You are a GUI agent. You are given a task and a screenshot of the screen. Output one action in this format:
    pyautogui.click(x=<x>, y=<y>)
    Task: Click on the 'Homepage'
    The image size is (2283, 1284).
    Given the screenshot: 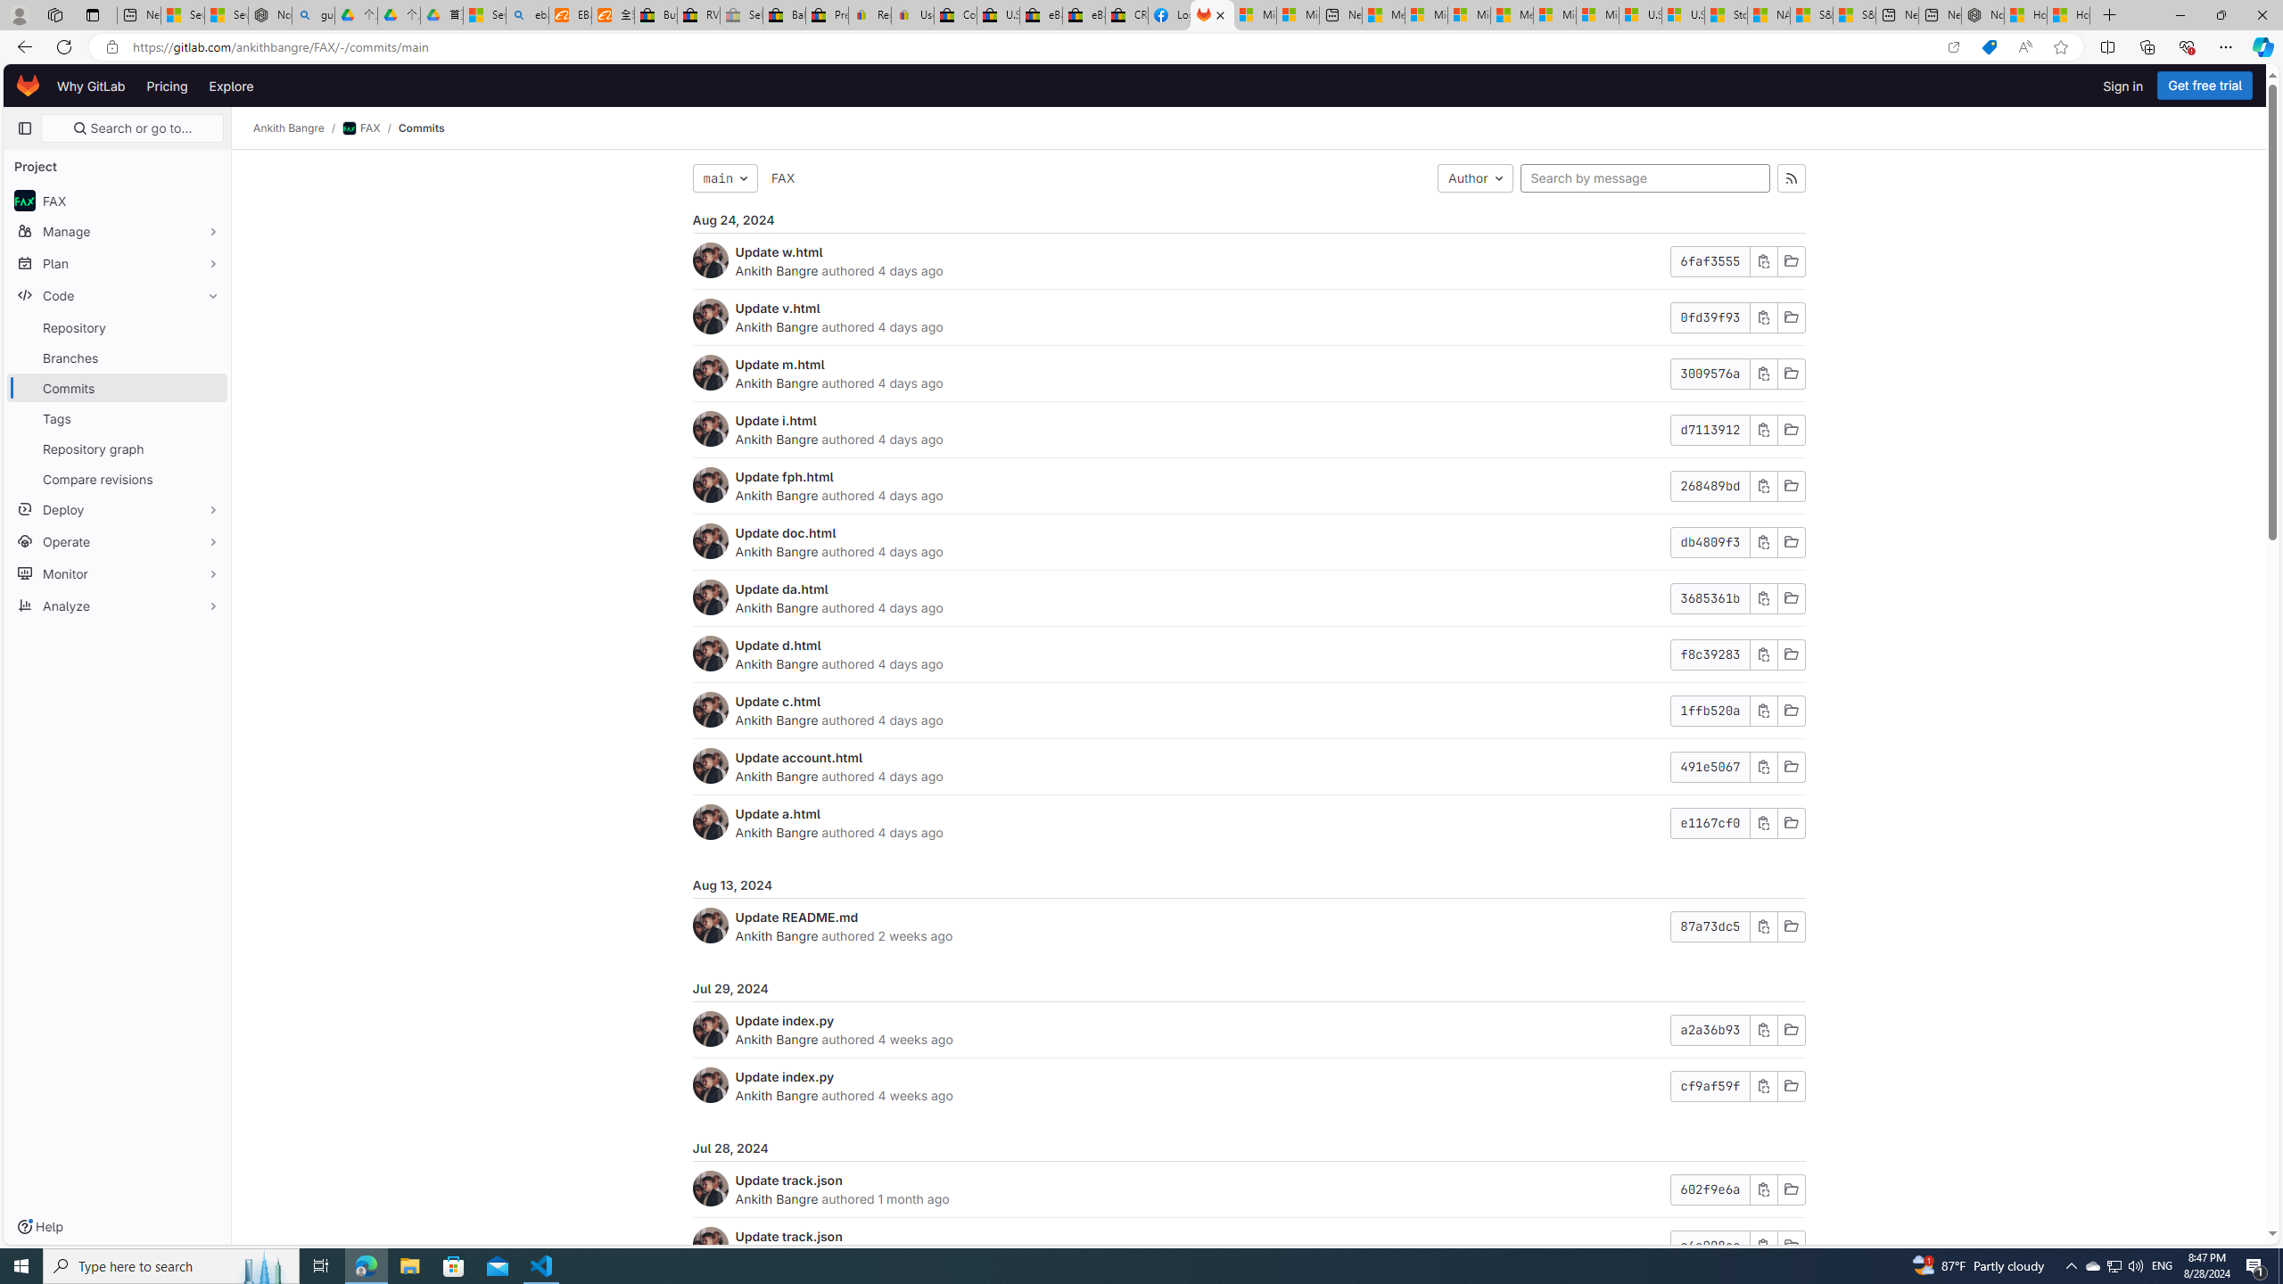 What is the action you would take?
    pyautogui.click(x=29, y=85)
    